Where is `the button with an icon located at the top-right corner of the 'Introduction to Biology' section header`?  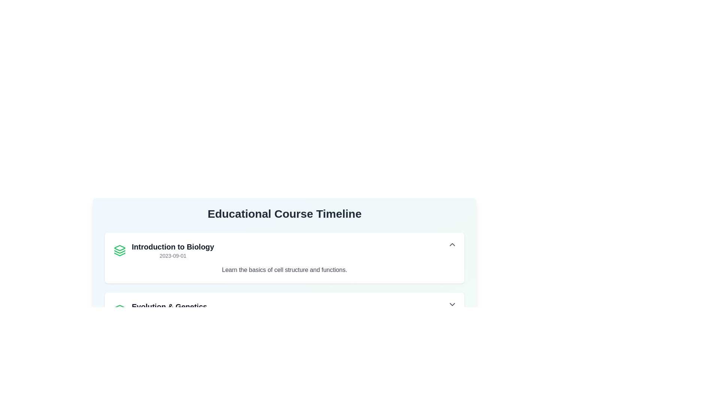 the button with an icon located at the top-right corner of the 'Introduction to Biology' section header is located at coordinates (452, 245).